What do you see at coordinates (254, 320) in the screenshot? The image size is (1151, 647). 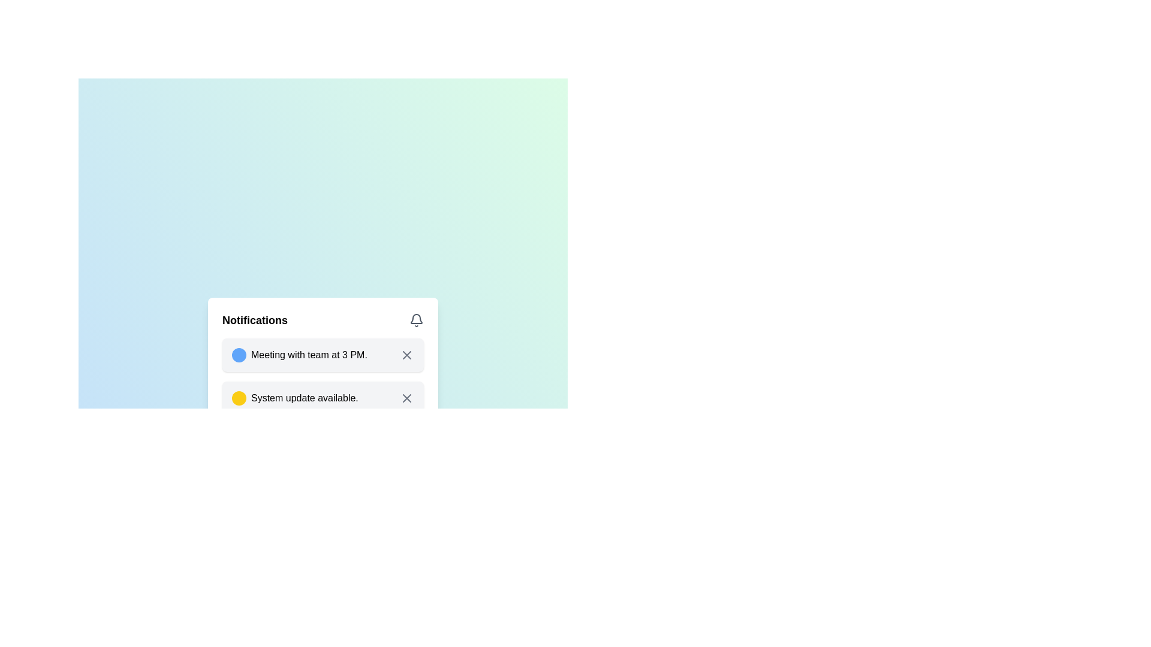 I see `text label 'Notifications' which is styled in bold and large font, located in the header section of the notifications panel, aligned left and adjacent to a bell icon` at bounding box center [254, 320].